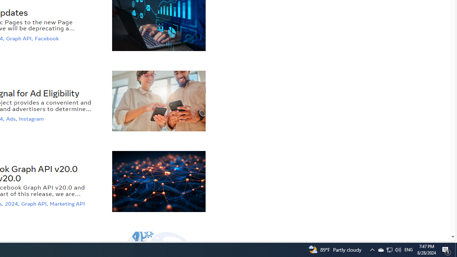 The width and height of the screenshot is (457, 257). Describe the element at coordinates (47, 38) in the screenshot. I see `'Facebook'` at that location.